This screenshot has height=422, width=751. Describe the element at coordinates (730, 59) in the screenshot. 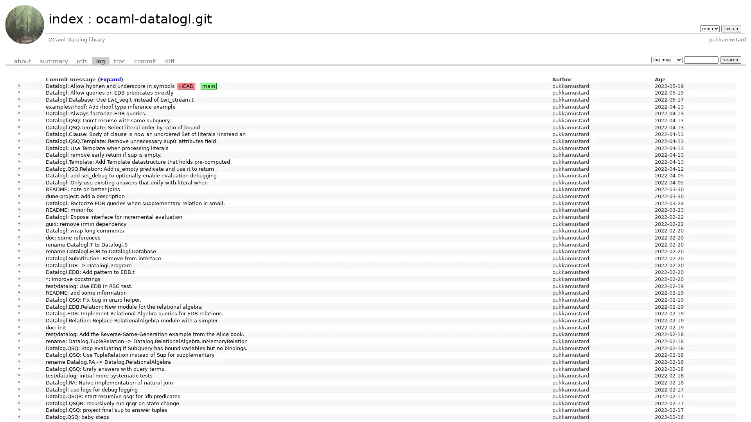

I see `search` at that location.